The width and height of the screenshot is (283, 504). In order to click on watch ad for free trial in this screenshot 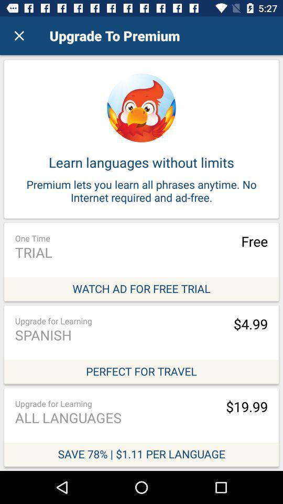, I will do `click(141, 261)`.